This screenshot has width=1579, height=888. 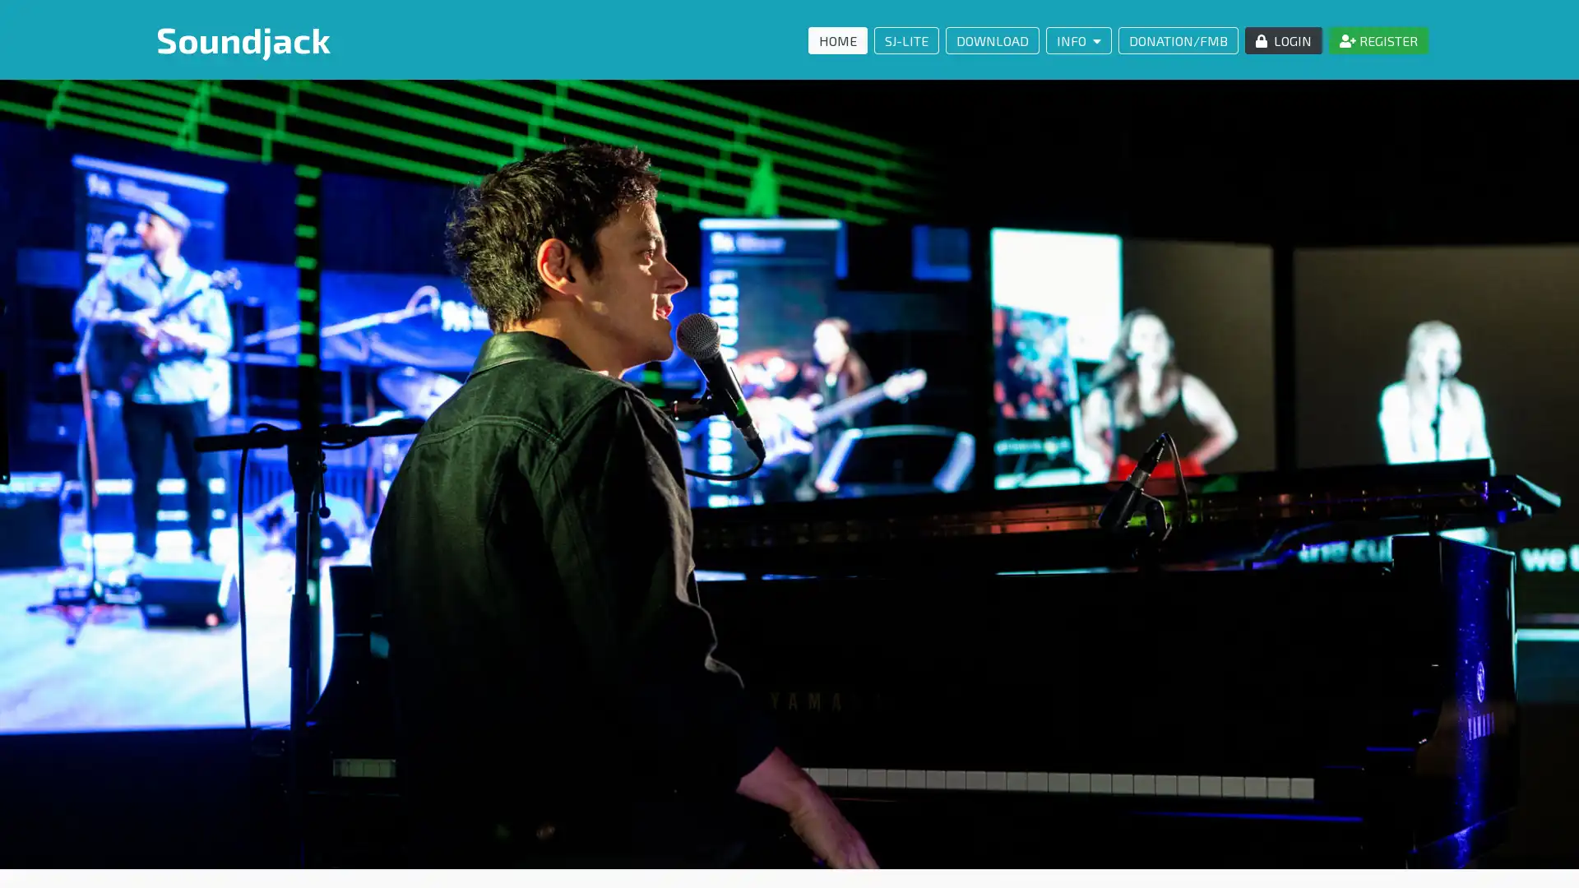 I want to click on next arrow, so click(x=1553, y=473).